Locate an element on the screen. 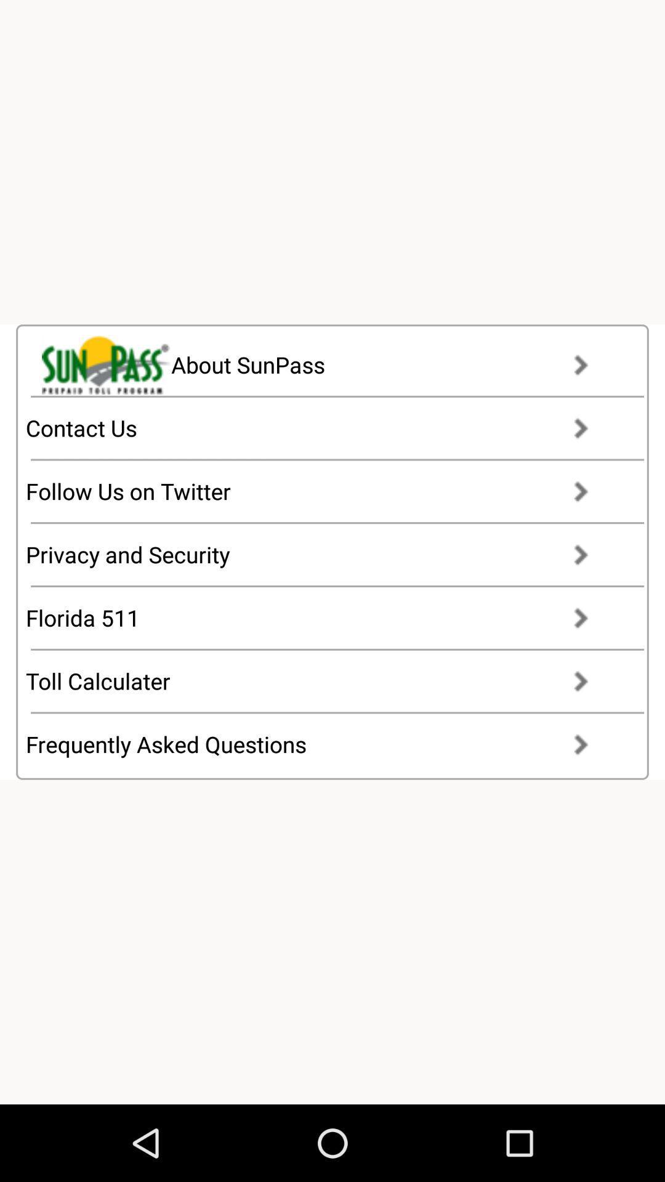  toll calculater is located at coordinates (318, 680).